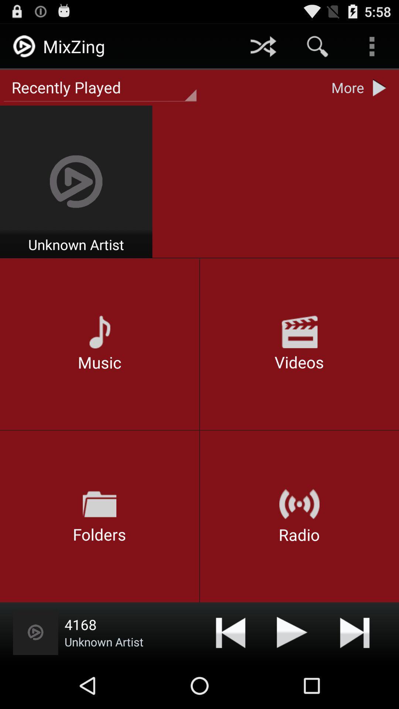 The width and height of the screenshot is (399, 709). I want to click on the music, so click(292, 632).